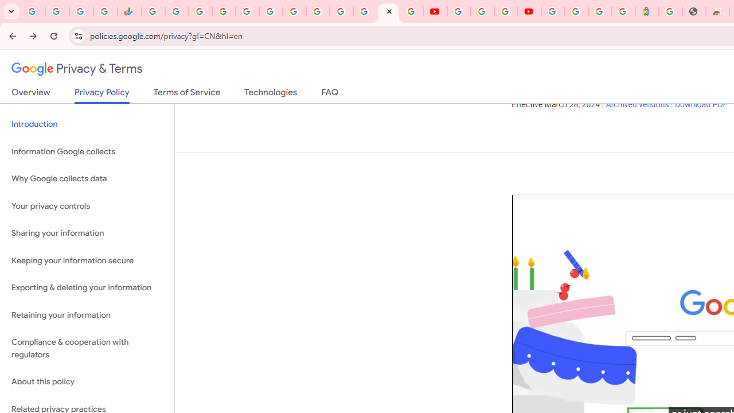  I want to click on 'Retaining your information', so click(87, 315).